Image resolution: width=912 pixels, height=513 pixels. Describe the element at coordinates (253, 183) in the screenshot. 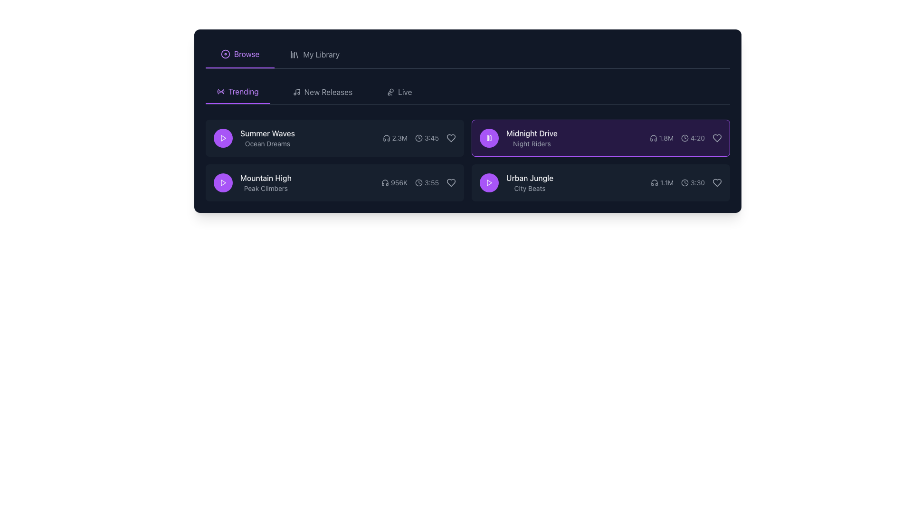

I see `the text display element that shows 'Mountain High' and 'Peak Climbers', positioned beneath 'Summer Waves' and aligned to the left` at that location.